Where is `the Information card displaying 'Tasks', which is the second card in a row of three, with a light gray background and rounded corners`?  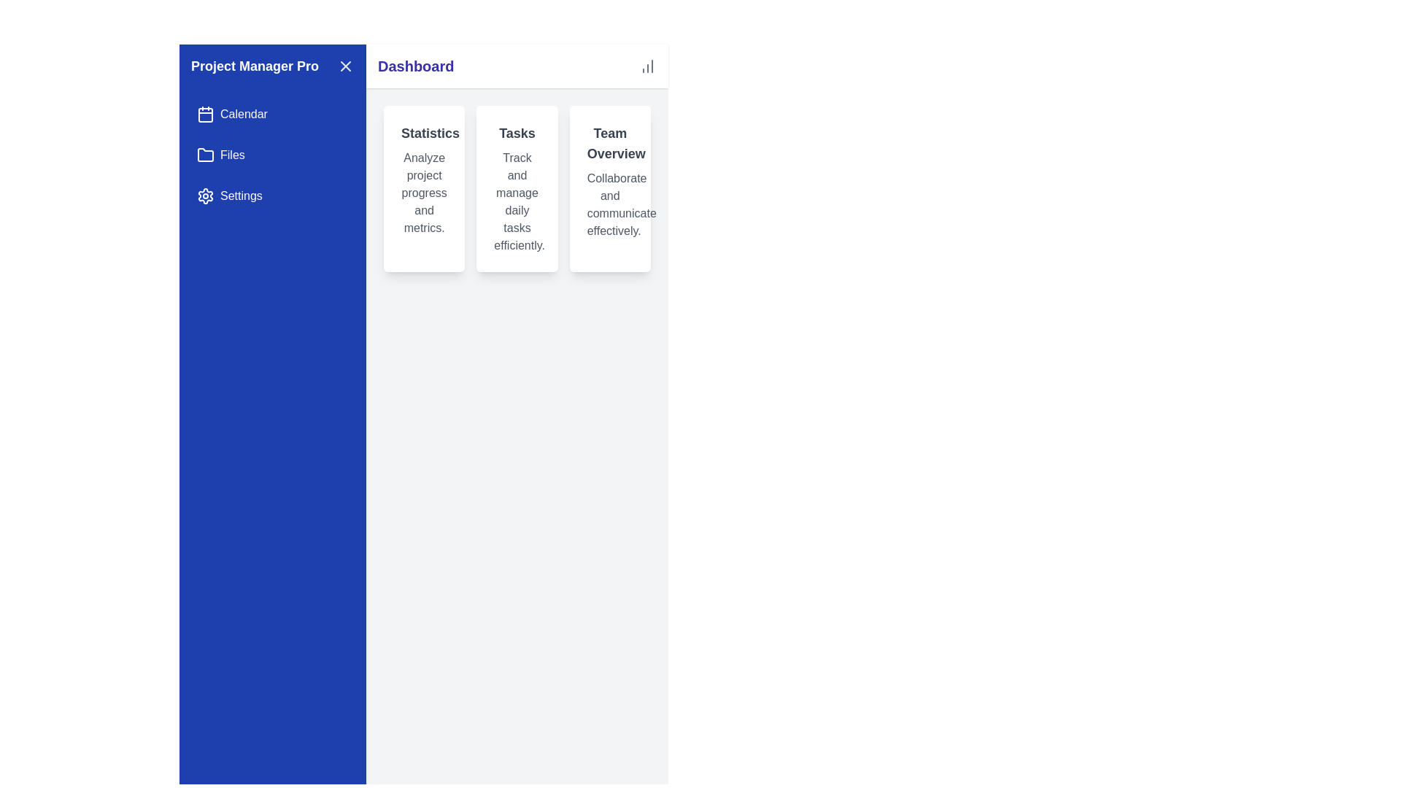 the Information card displaying 'Tasks', which is the second card in a row of three, with a light gray background and rounded corners is located at coordinates (517, 188).